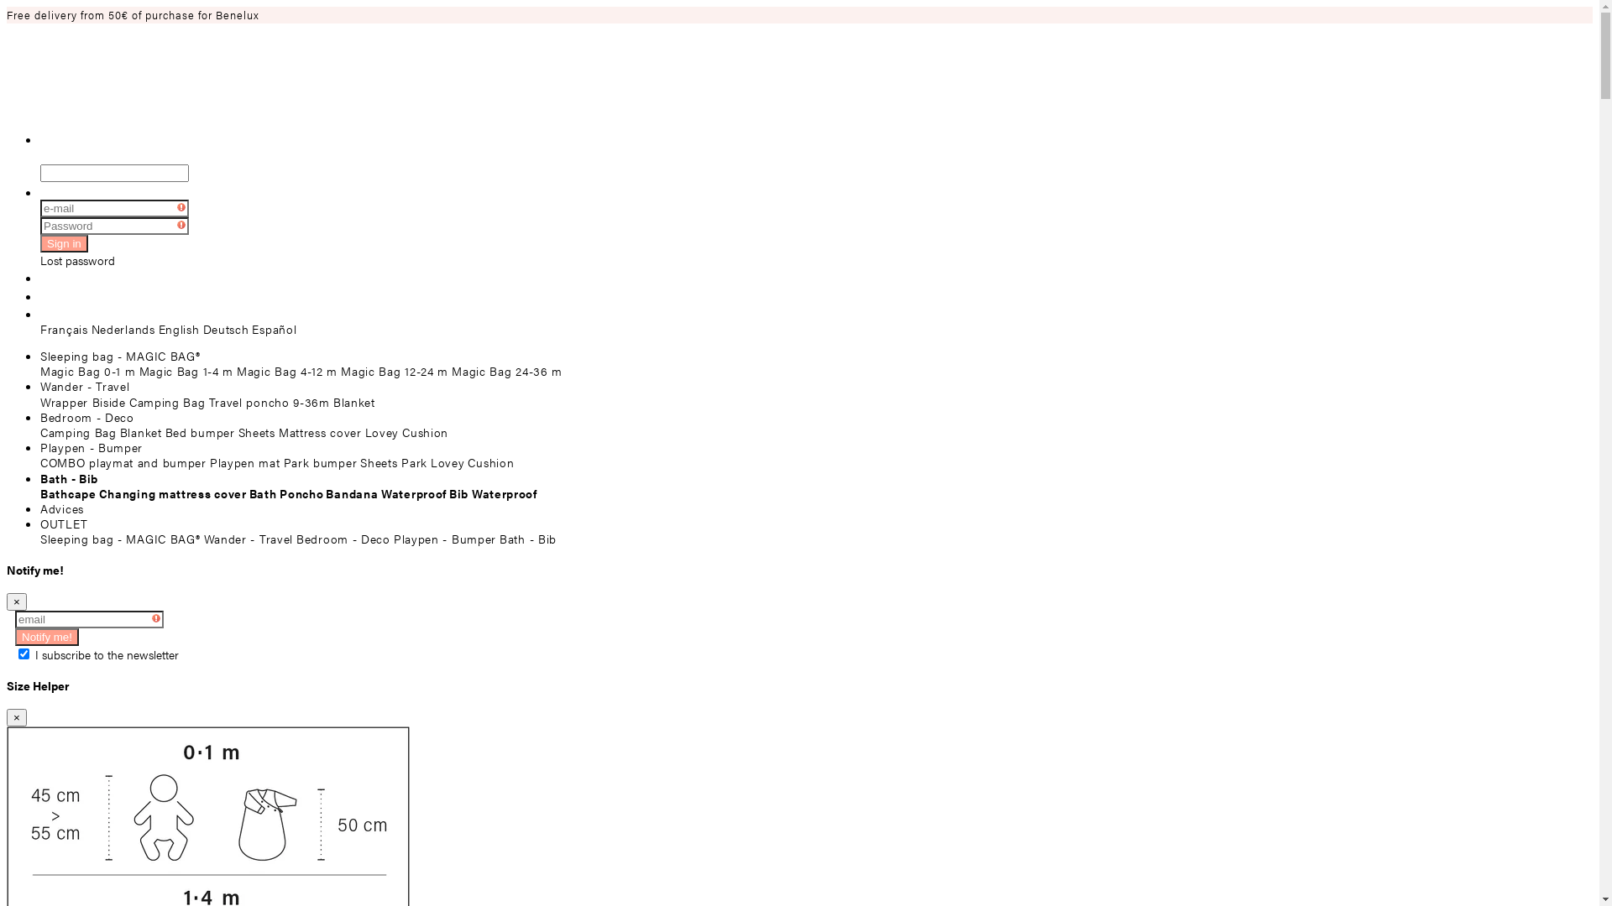 Image resolution: width=1612 pixels, height=906 pixels. Describe the element at coordinates (447, 462) in the screenshot. I see `'Lovey'` at that location.